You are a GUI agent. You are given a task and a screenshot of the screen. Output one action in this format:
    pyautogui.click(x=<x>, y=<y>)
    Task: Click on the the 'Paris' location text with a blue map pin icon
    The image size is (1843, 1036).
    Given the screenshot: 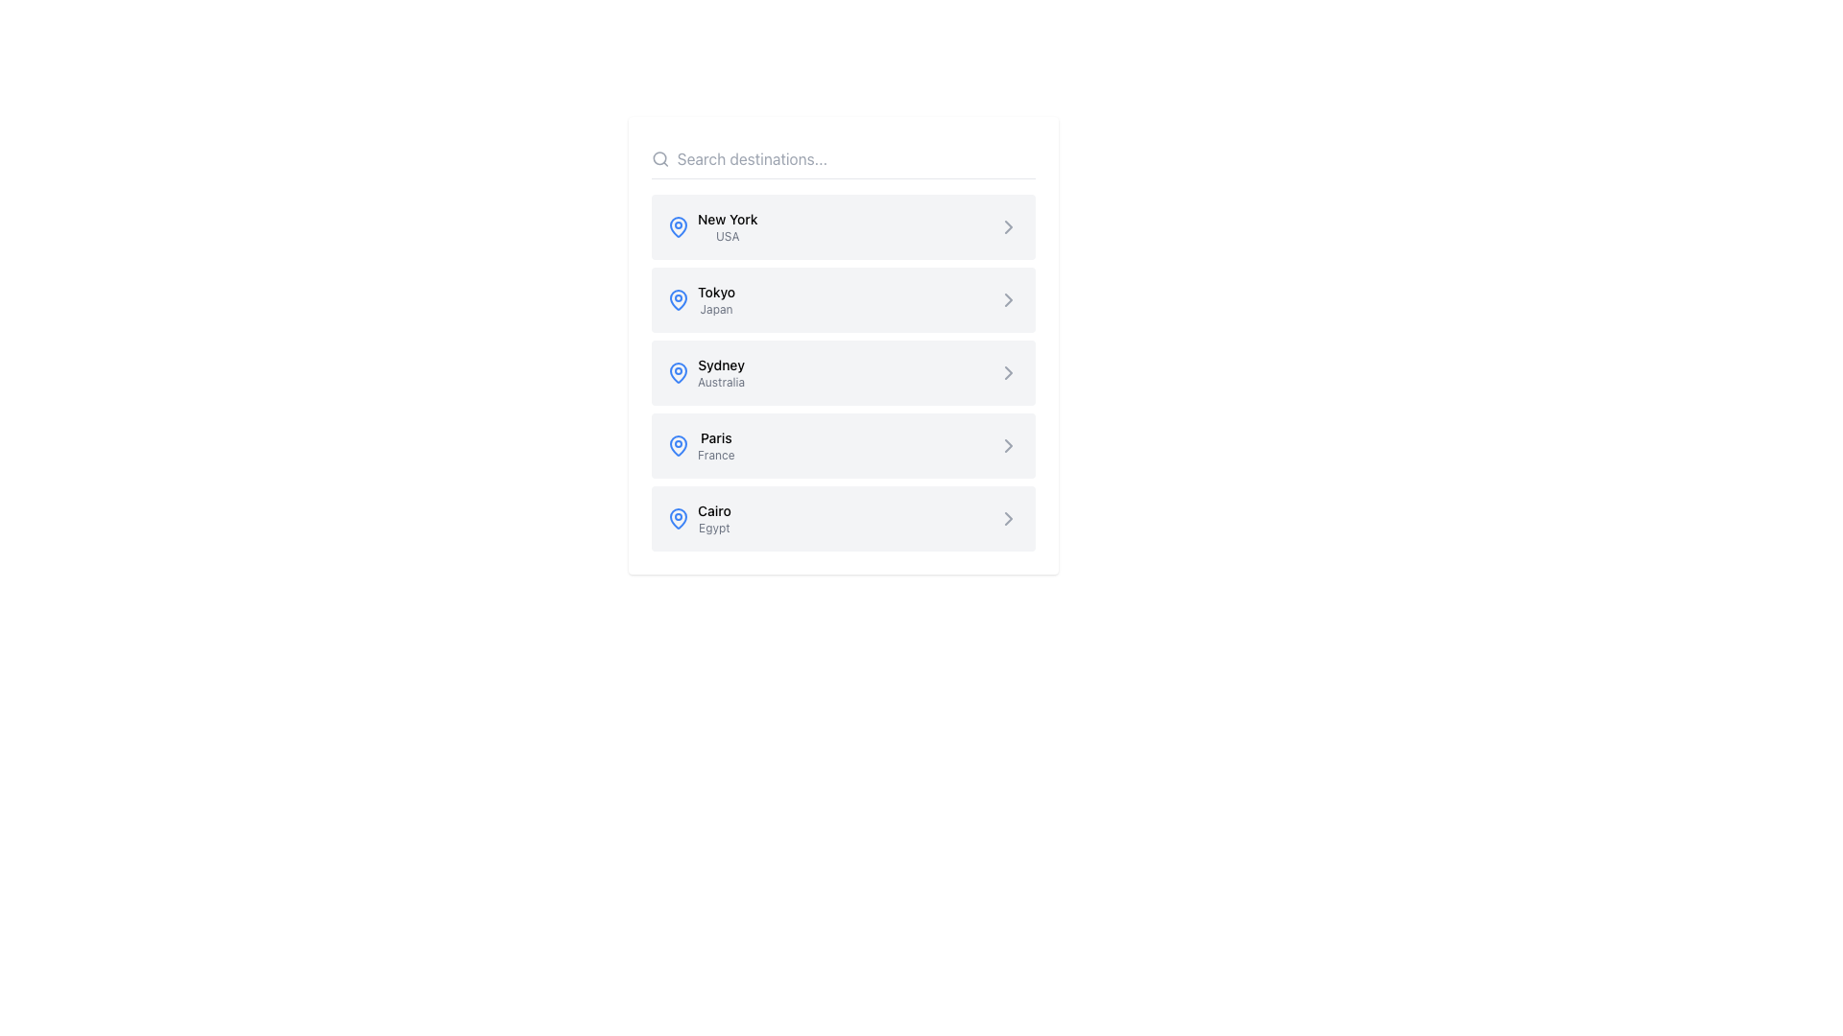 What is the action you would take?
    pyautogui.click(x=700, y=446)
    